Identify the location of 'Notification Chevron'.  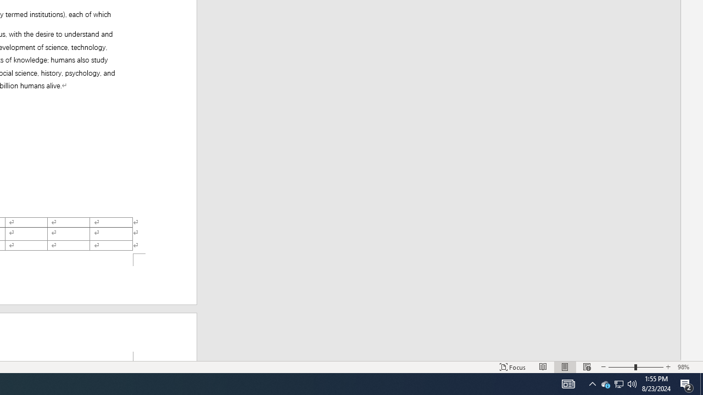
(592, 383).